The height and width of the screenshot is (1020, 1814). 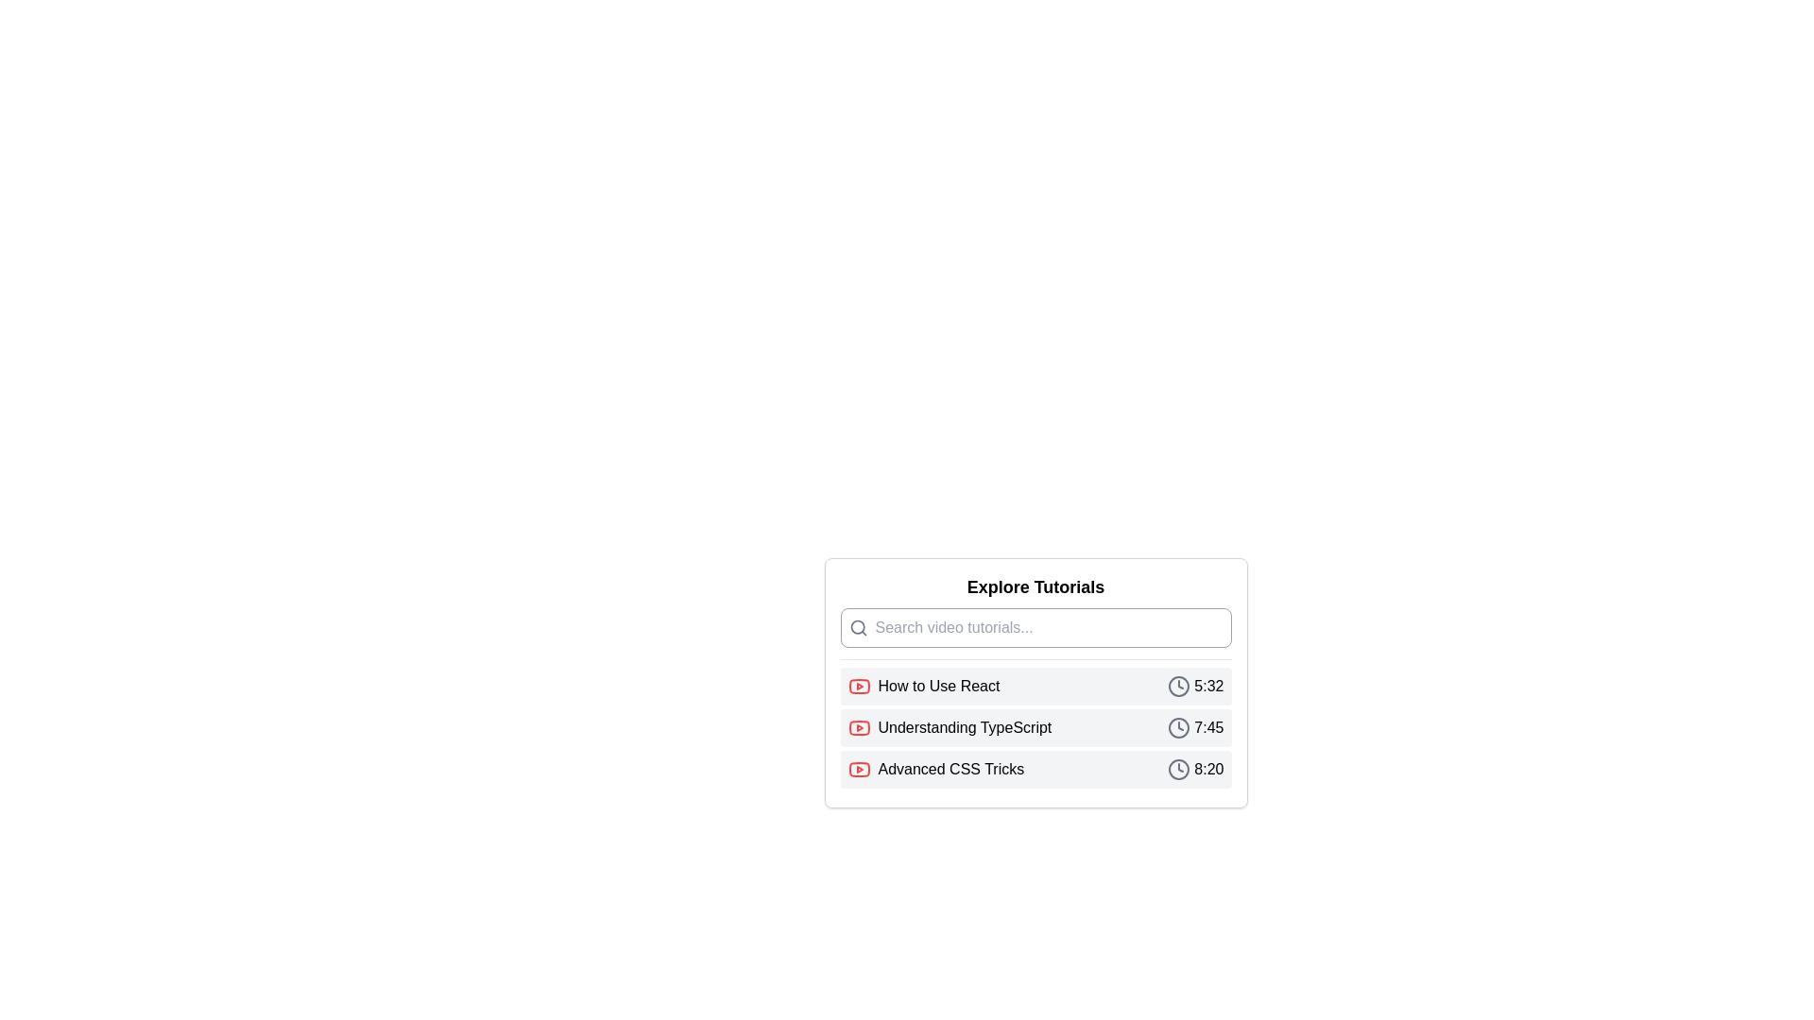 I want to click on the first item in the vertically-stacked list titled 'How to Use React' located below the 'Explore Tutorials' search bar, so click(x=1035, y=686).